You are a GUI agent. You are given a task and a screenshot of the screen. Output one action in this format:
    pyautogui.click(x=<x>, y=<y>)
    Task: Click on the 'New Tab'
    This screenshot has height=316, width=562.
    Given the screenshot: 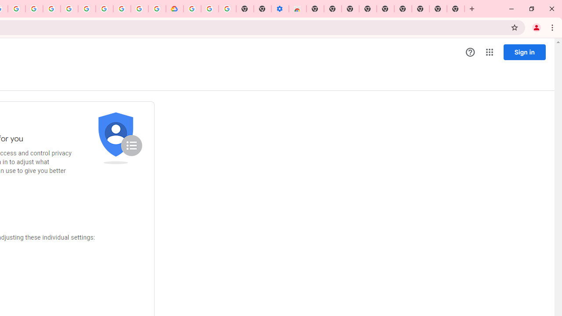 What is the action you would take?
    pyautogui.click(x=456, y=9)
    